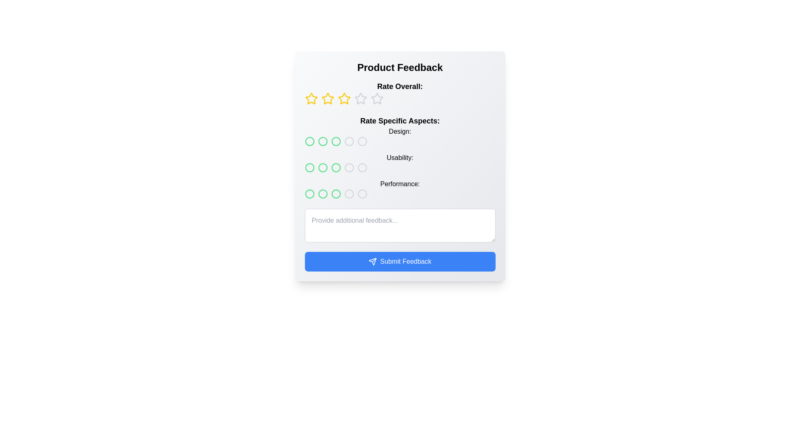  What do you see at coordinates (400, 93) in the screenshot?
I see `the stars in the Rating component located below 'Product Feedback'` at bounding box center [400, 93].